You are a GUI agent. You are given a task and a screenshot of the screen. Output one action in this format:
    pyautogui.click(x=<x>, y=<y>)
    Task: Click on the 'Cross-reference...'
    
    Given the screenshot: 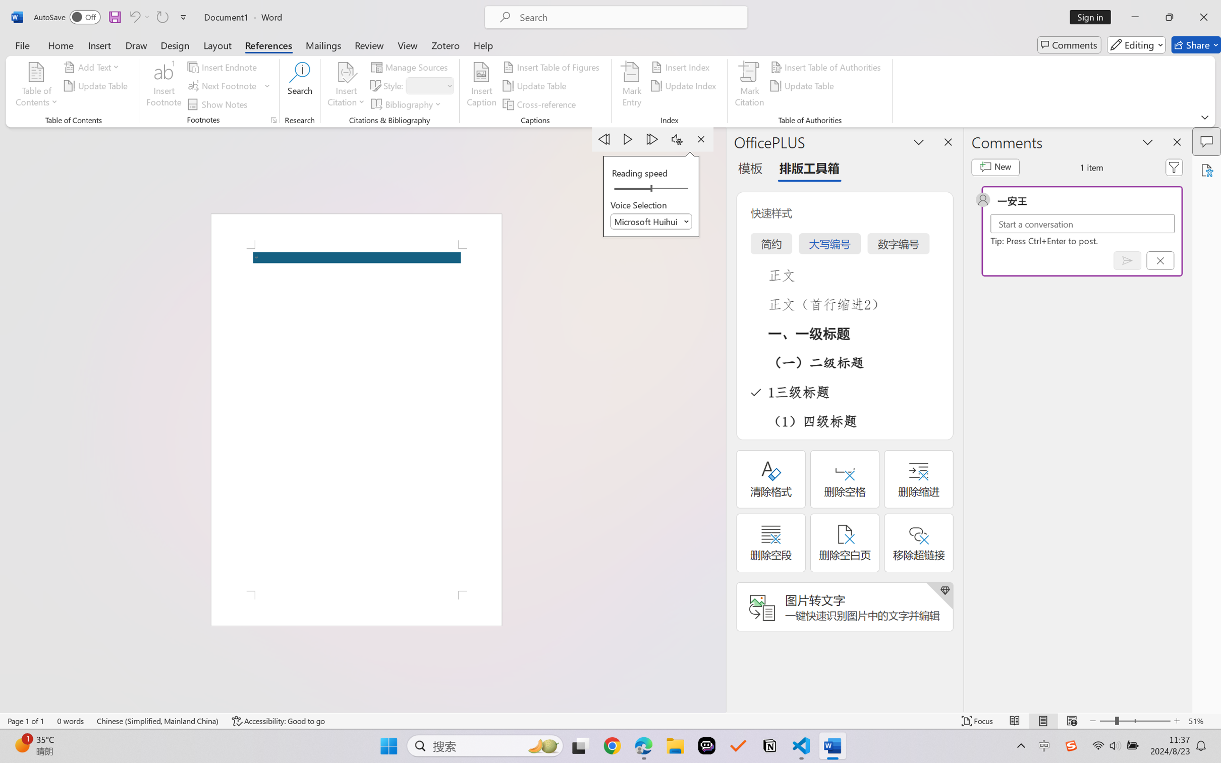 What is the action you would take?
    pyautogui.click(x=541, y=104)
    